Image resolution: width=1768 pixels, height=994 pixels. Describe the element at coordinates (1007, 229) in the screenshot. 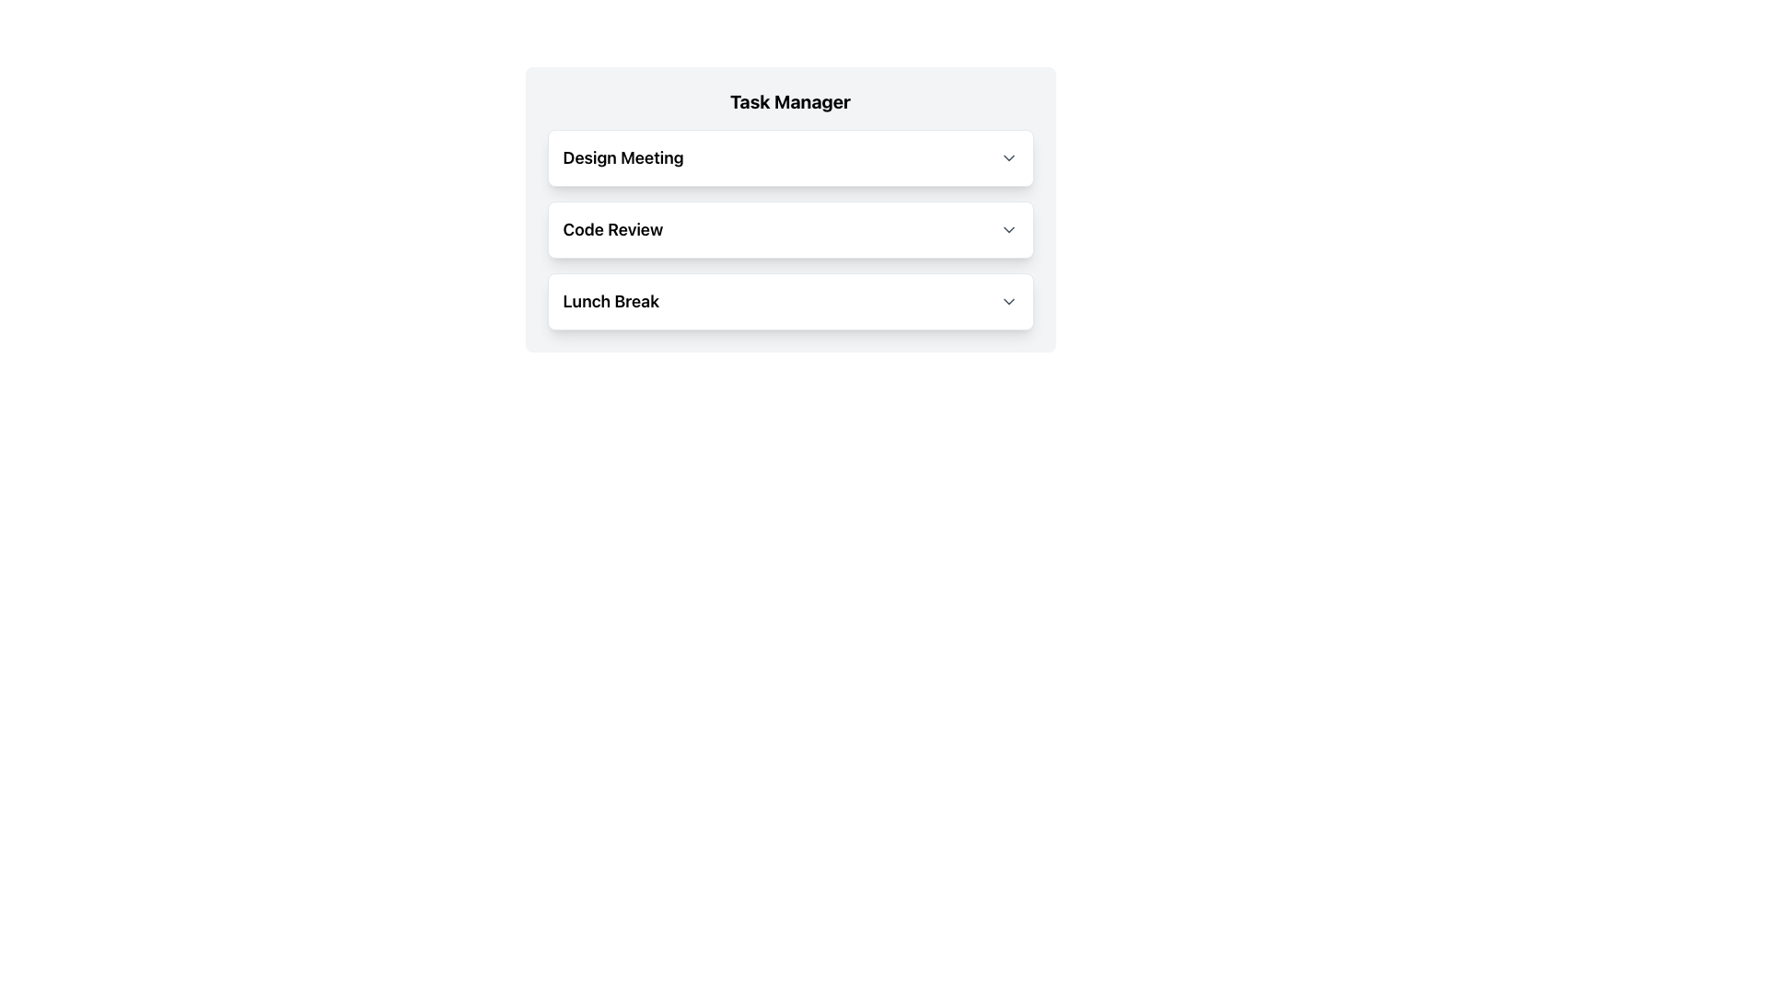

I see `the dropdown activator icon located on the far right side of the 'Code Review' row in the 'Task Manager' section` at that location.